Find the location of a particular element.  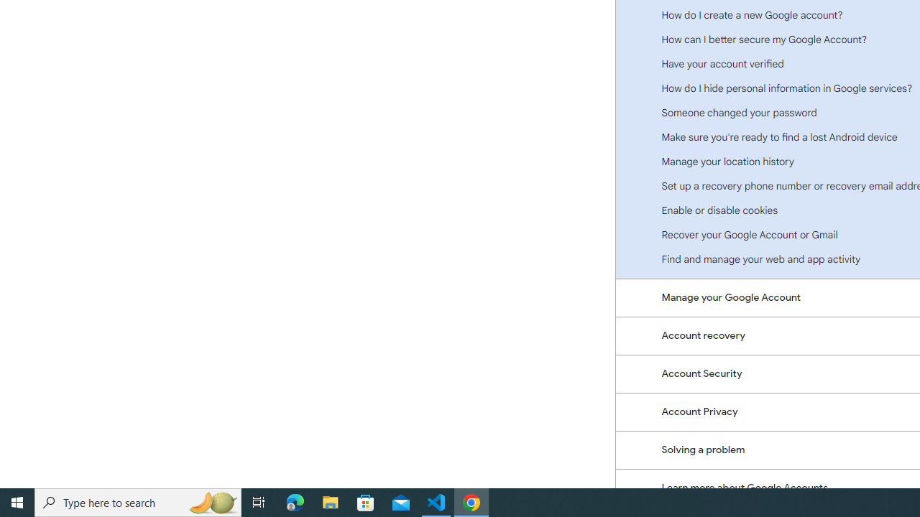

'Search highlights icon opens search home window' is located at coordinates (211, 501).